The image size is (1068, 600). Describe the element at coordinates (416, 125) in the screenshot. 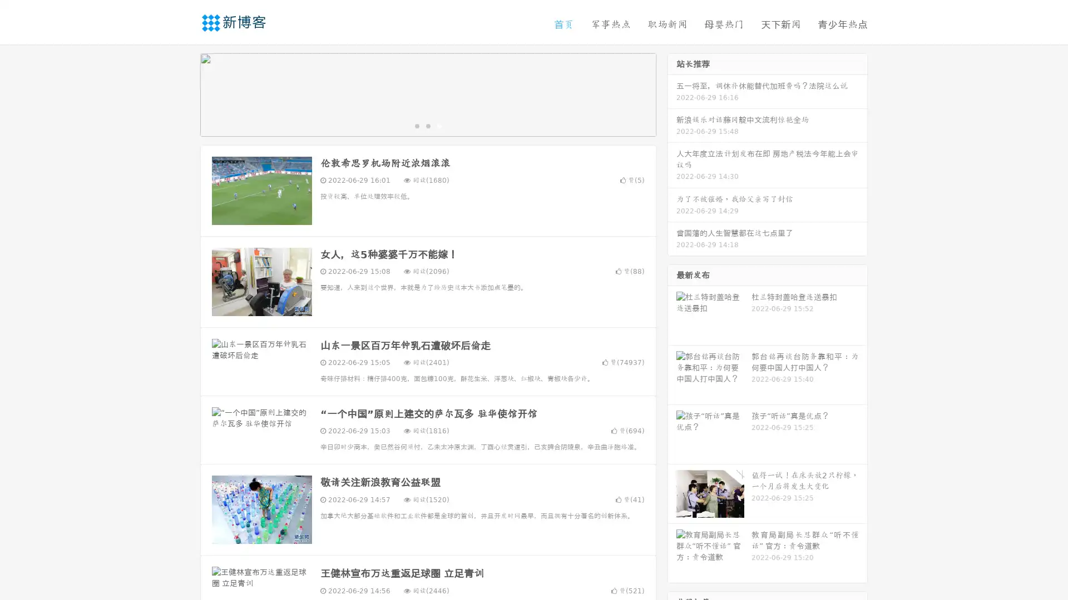

I see `Go to slide 1` at that location.